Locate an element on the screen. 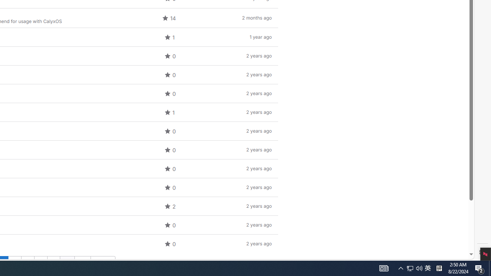  'Go to page 2' is located at coordinates (15, 262).